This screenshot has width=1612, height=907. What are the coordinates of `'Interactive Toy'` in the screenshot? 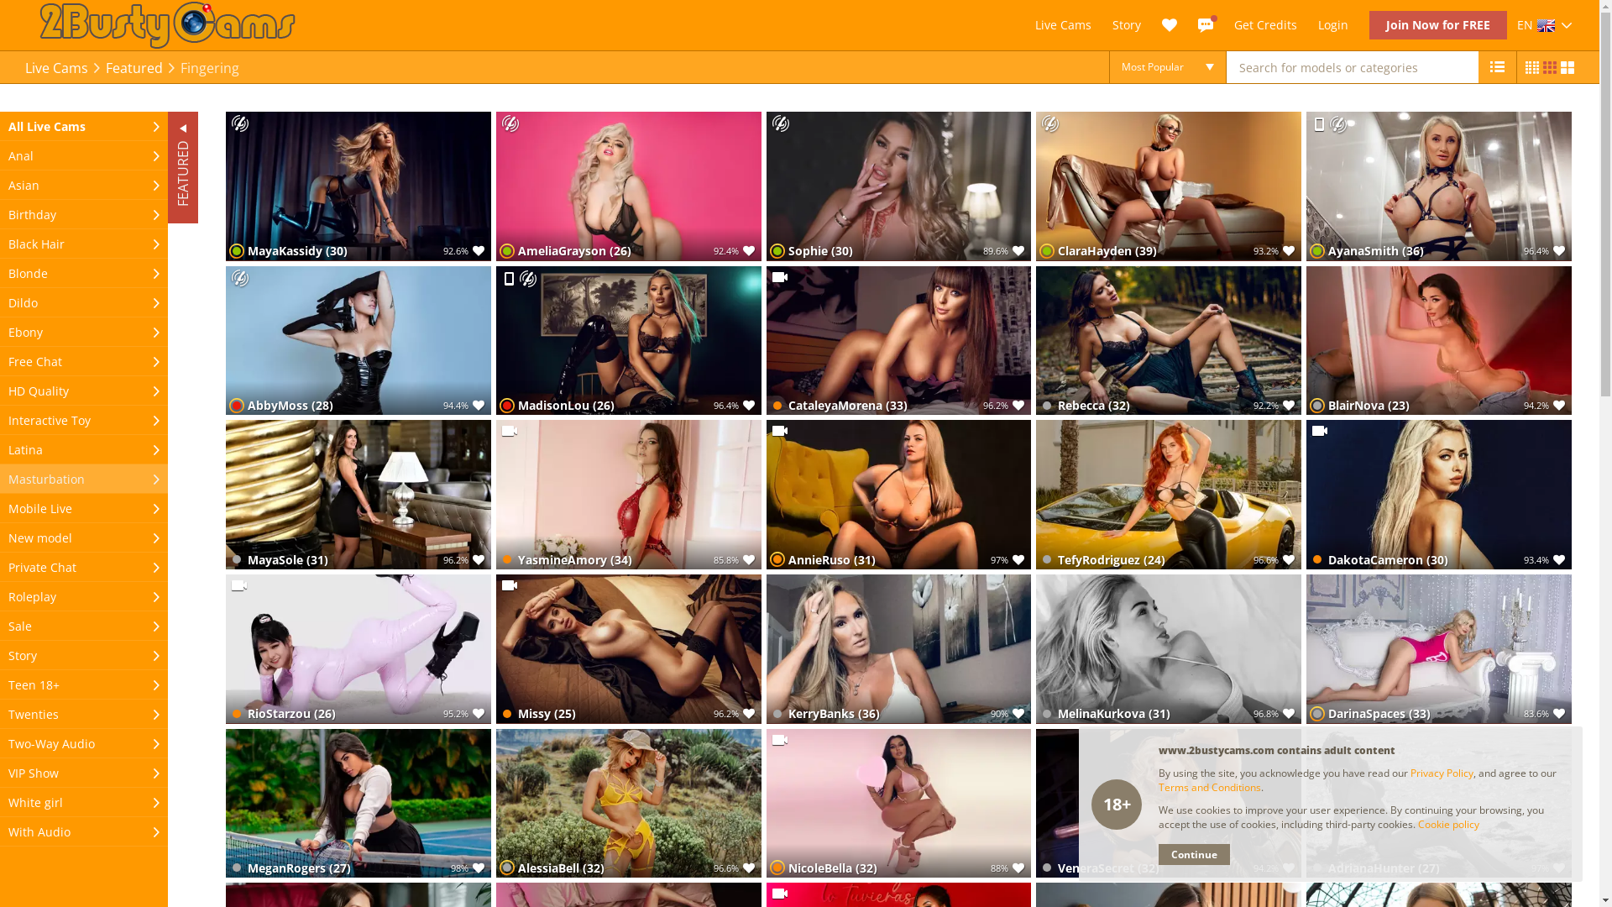 It's located at (83, 419).